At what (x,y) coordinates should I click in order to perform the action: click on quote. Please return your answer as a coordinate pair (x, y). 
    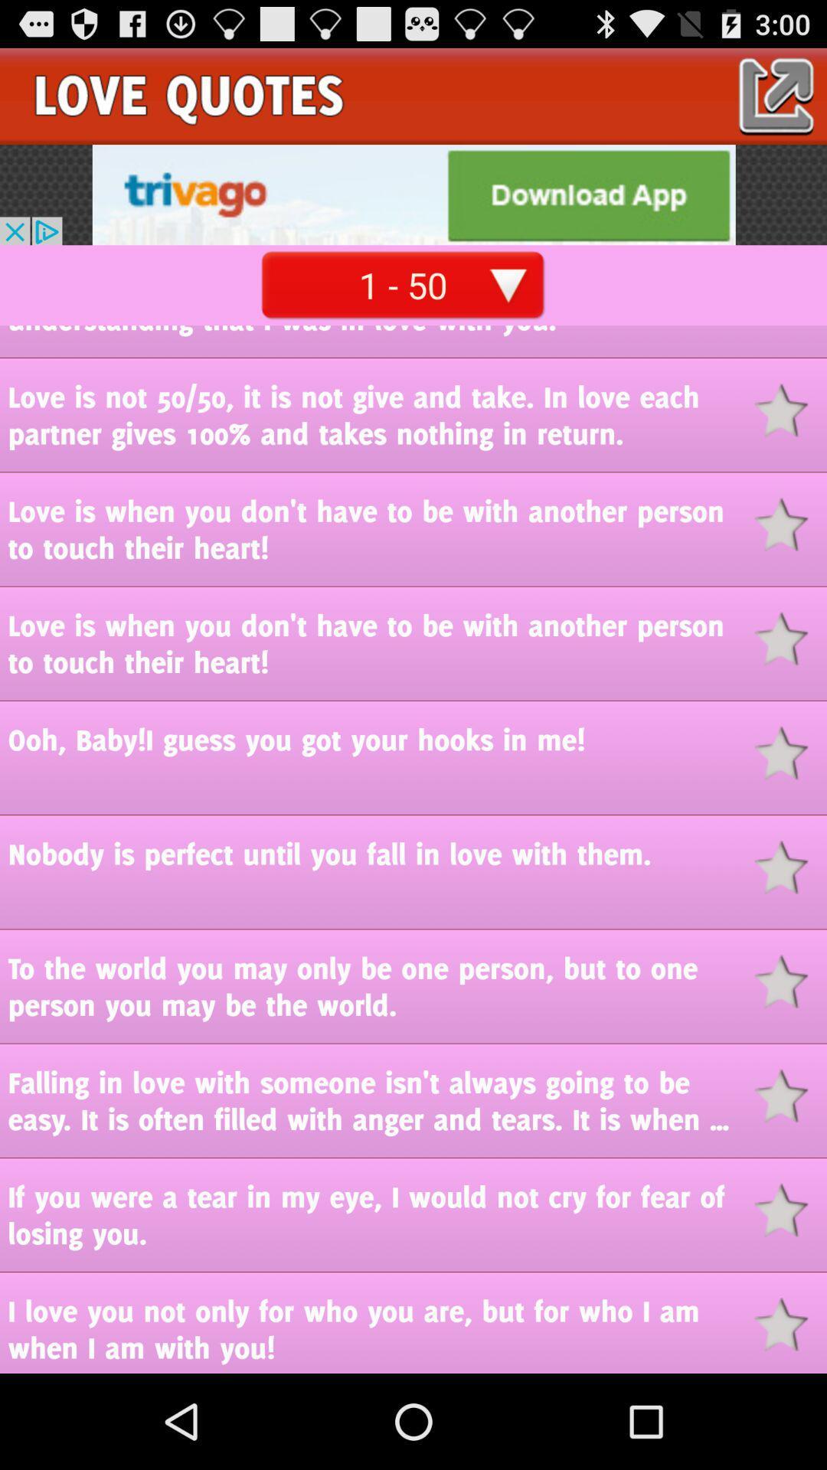
    Looking at the image, I should click on (790, 639).